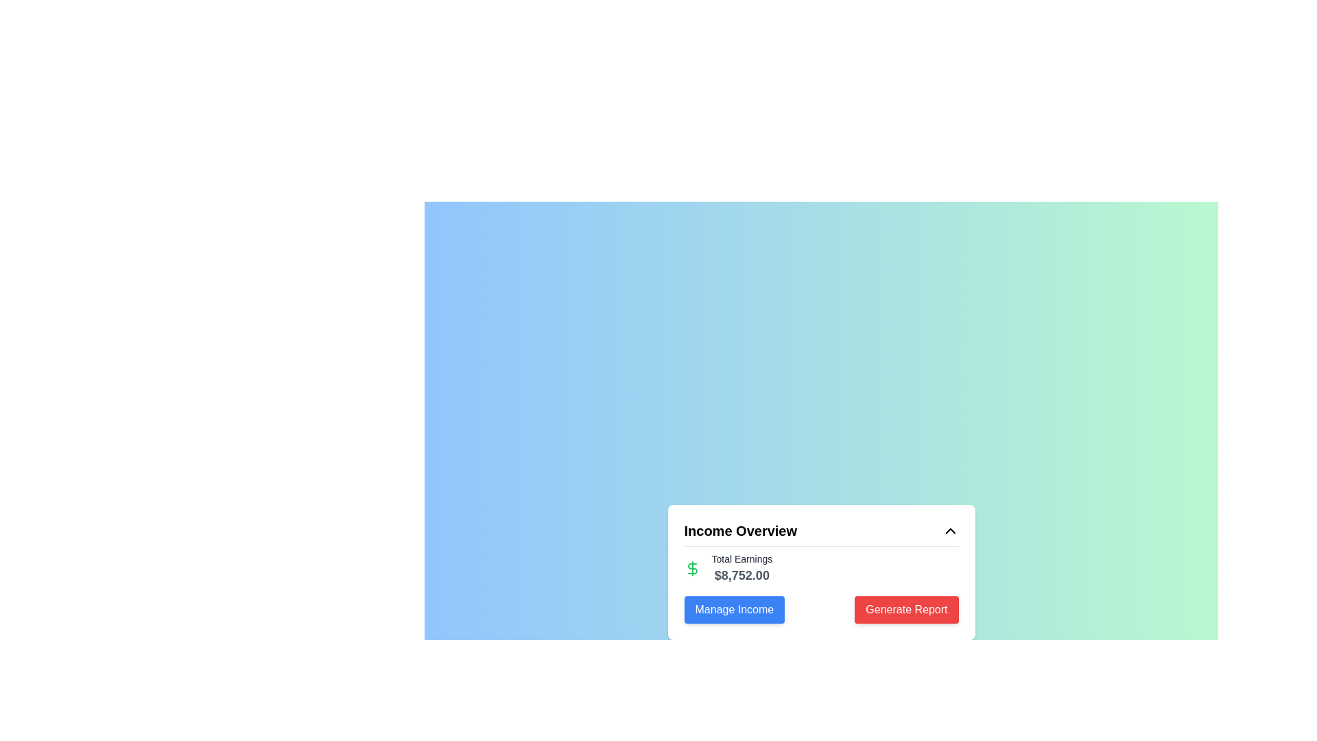 The image size is (1317, 741). What do you see at coordinates (949, 530) in the screenshot?
I see `the small button with an upward-pointing chevron icon located next to the 'Income Overview' title` at bounding box center [949, 530].